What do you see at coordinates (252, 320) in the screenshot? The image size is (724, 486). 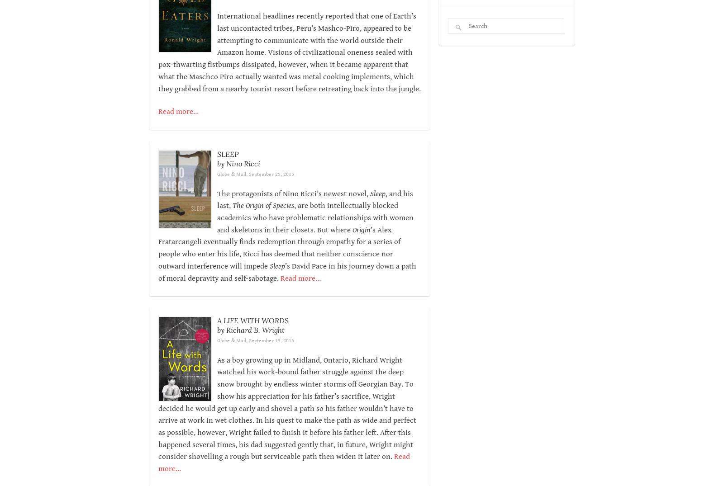 I see `'A LIFE WITH WORDS'` at bounding box center [252, 320].